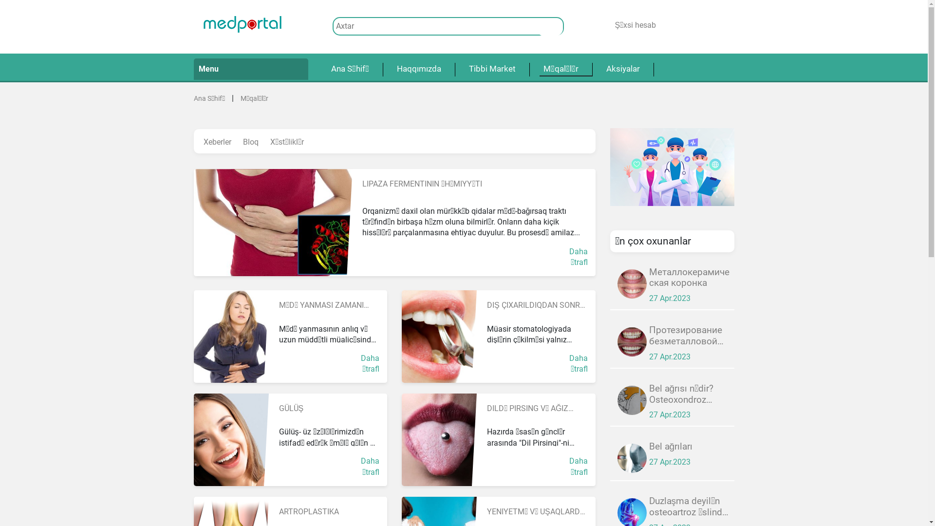 Image resolution: width=935 pixels, height=526 pixels. What do you see at coordinates (250, 142) in the screenshot?
I see `'Bloq'` at bounding box center [250, 142].